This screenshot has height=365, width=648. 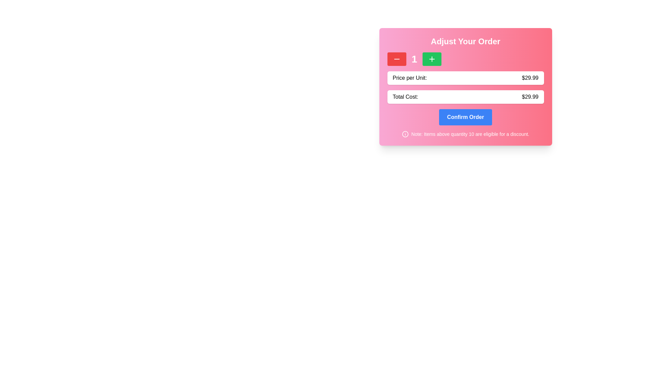 What do you see at coordinates (405, 97) in the screenshot?
I see `the text label reading 'Total Cost:' which is styled in a simple black font on a white background, located on the left side of a pair with the text '$29.99' to its right` at bounding box center [405, 97].